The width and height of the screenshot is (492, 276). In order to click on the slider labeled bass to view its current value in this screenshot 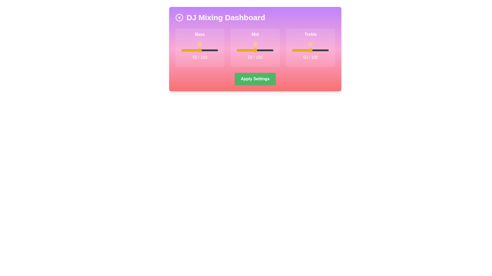, I will do `click(199, 50)`.